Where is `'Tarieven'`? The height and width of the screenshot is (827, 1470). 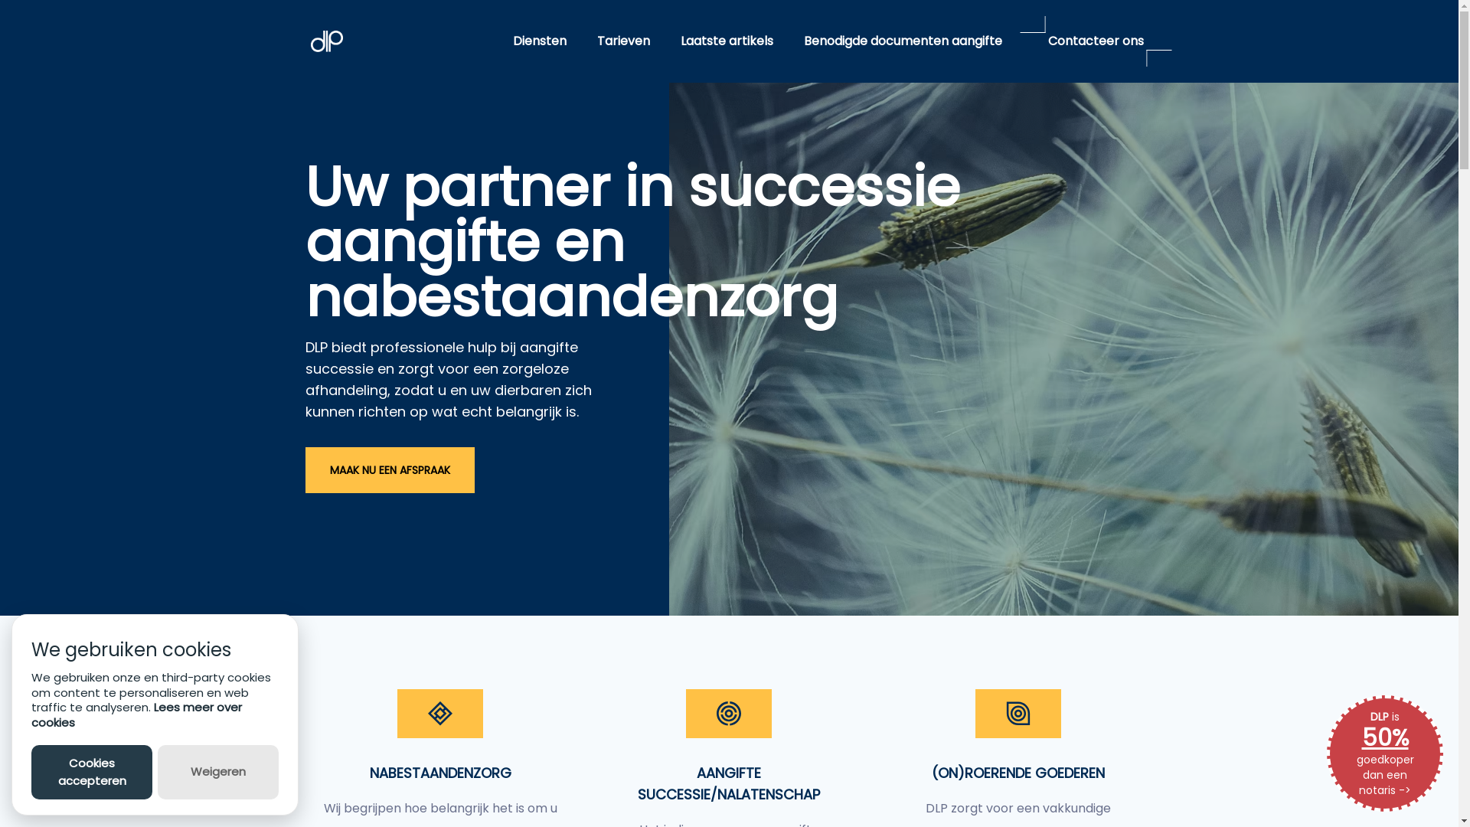 'Tarieven' is located at coordinates (623, 40).